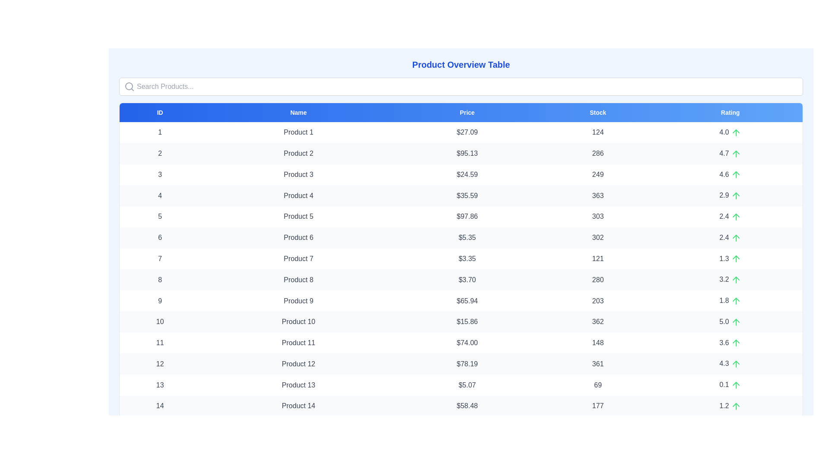 The height and width of the screenshot is (466, 829). I want to click on the header labeled Price to sort the table by that column, so click(467, 112).